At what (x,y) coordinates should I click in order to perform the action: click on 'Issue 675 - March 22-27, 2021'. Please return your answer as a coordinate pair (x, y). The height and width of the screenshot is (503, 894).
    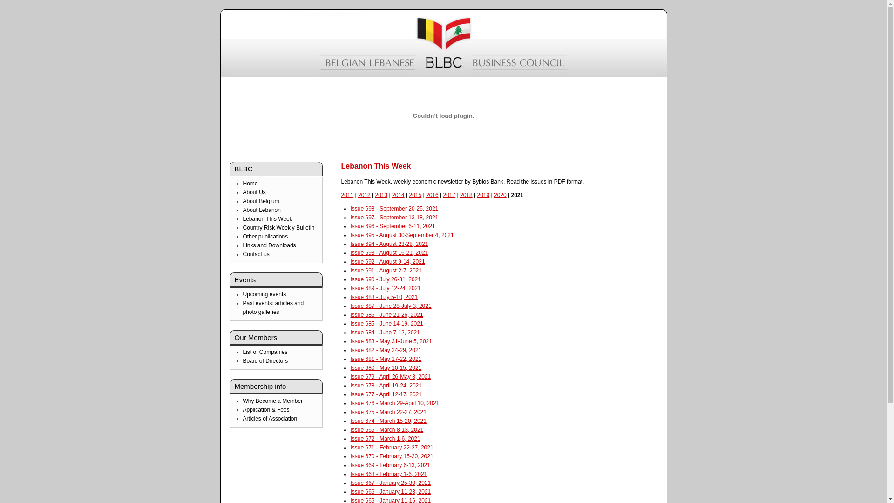
    Looking at the image, I should click on (350, 411).